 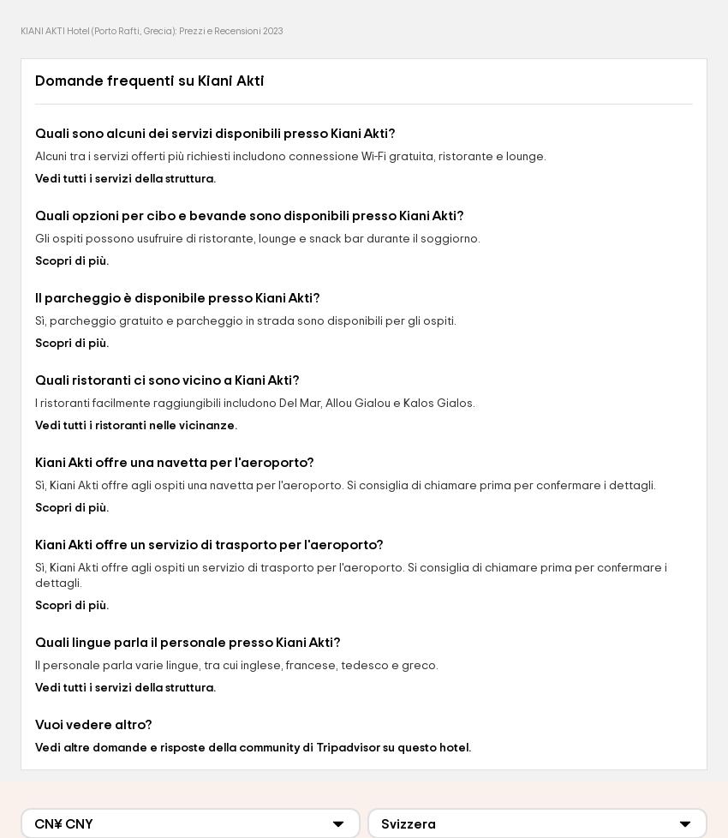 I want to click on 'Kiani Akti offre una navetta per l'aeroporto?', so click(x=173, y=462).